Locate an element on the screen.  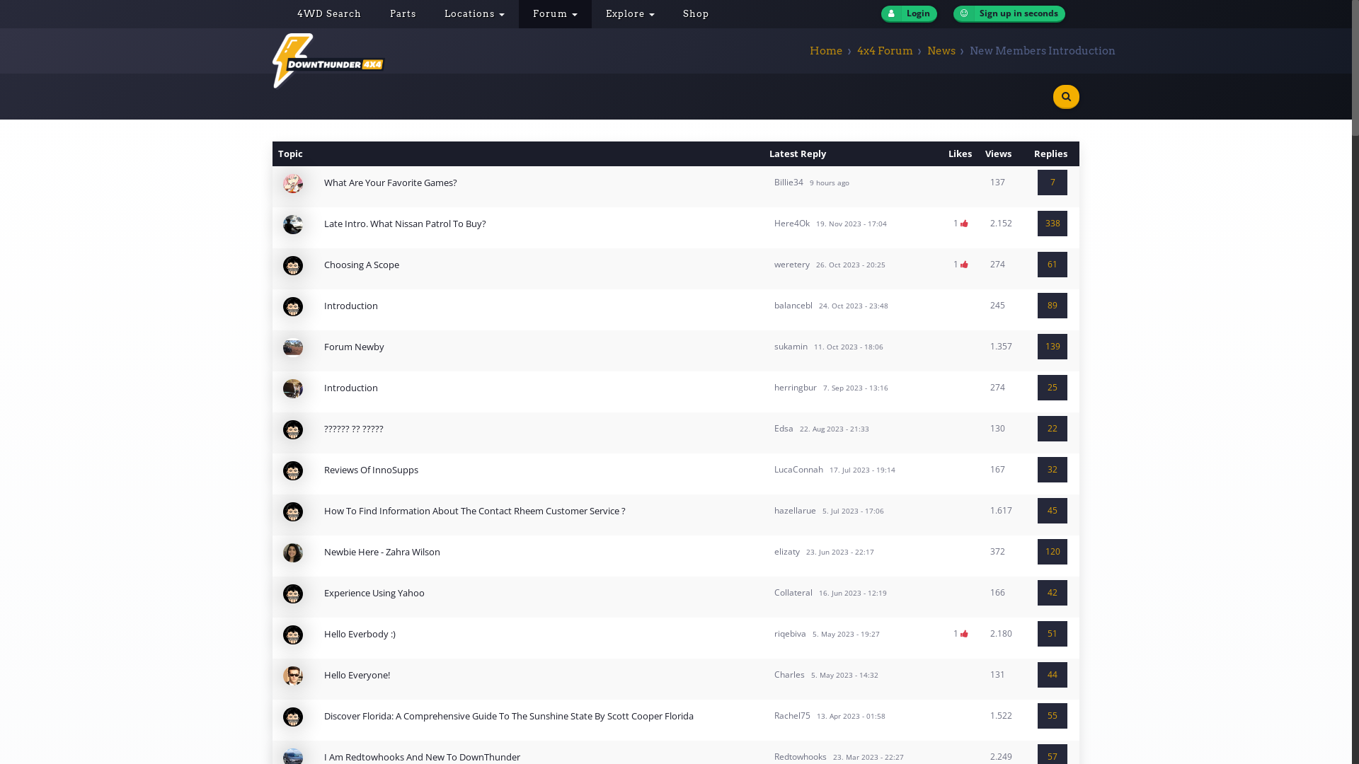
'Reviews Of InnoSupps' is located at coordinates (371, 469).